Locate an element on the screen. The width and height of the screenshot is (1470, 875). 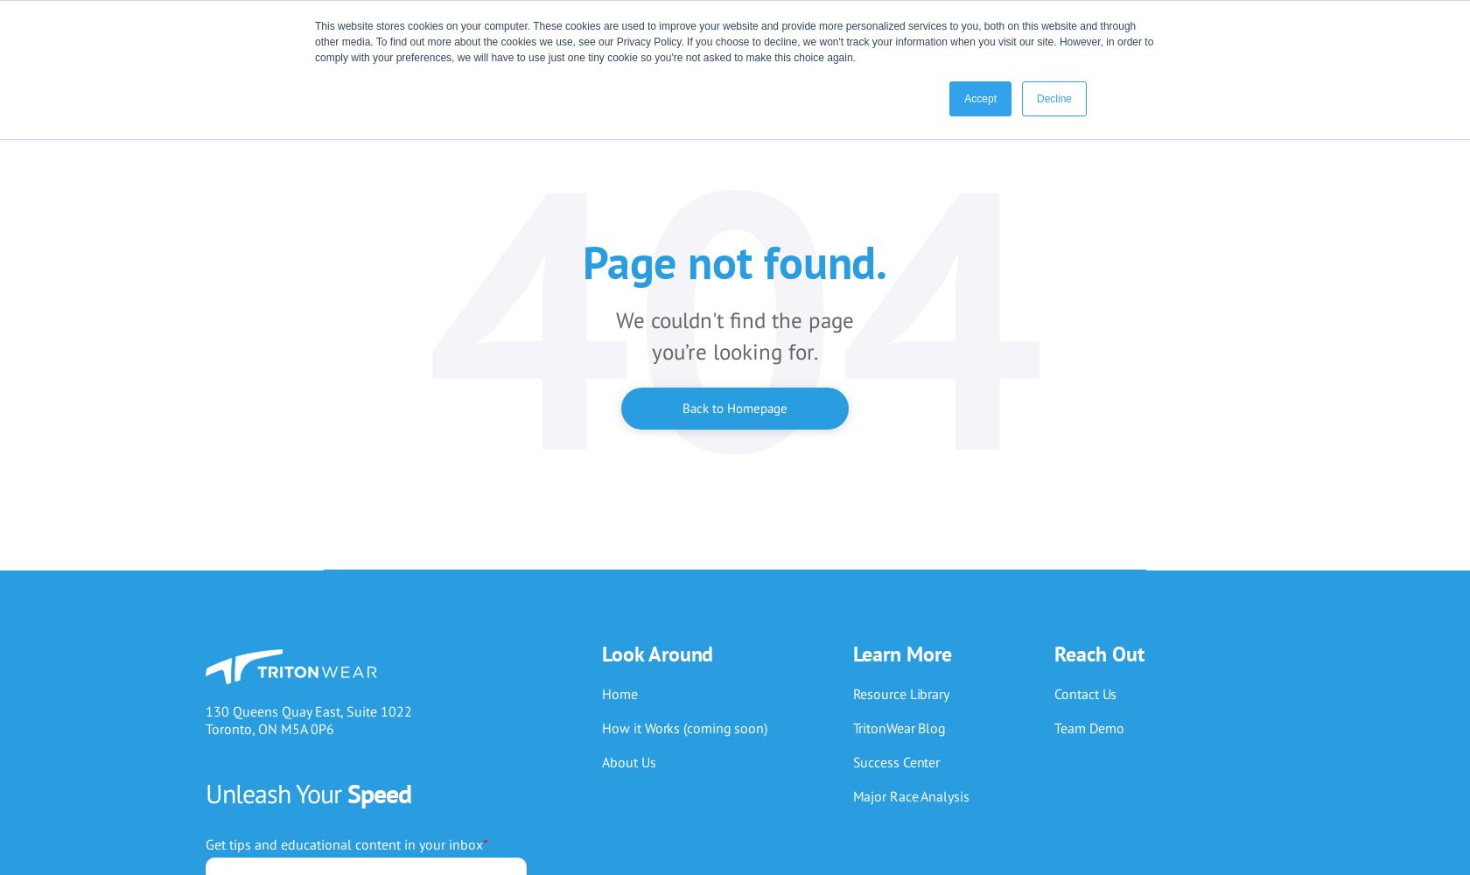
'Contact Us' is located at coordinates (1085, 693).